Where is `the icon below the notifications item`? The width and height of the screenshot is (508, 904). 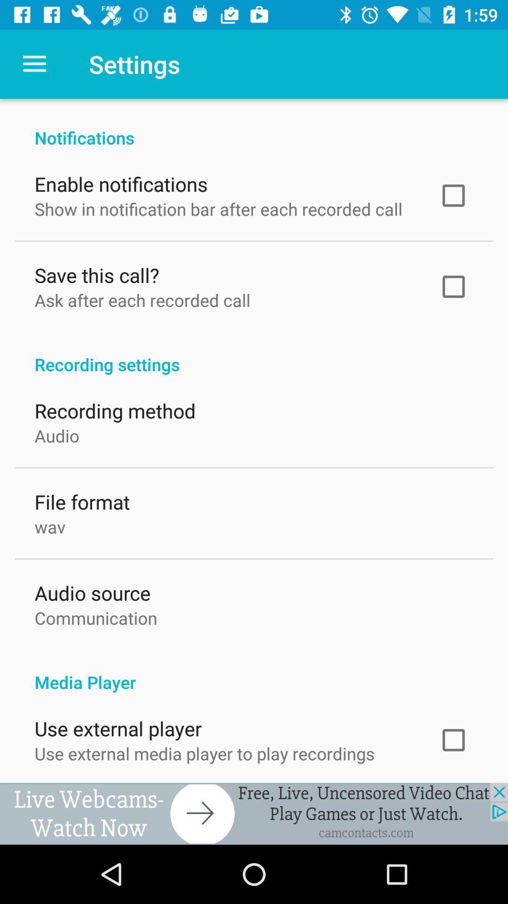
the icon below the notifications item is located at coordinates (120, 182).